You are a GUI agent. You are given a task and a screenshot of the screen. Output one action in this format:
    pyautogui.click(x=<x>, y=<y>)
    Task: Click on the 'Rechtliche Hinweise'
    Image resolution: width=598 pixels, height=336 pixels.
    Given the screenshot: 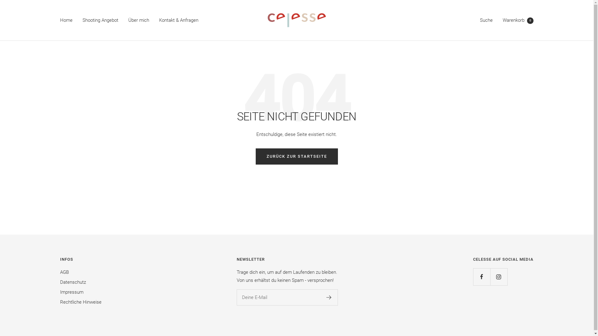 What is the action you would take?
    pyautogui.click(x=60, y=302)
    